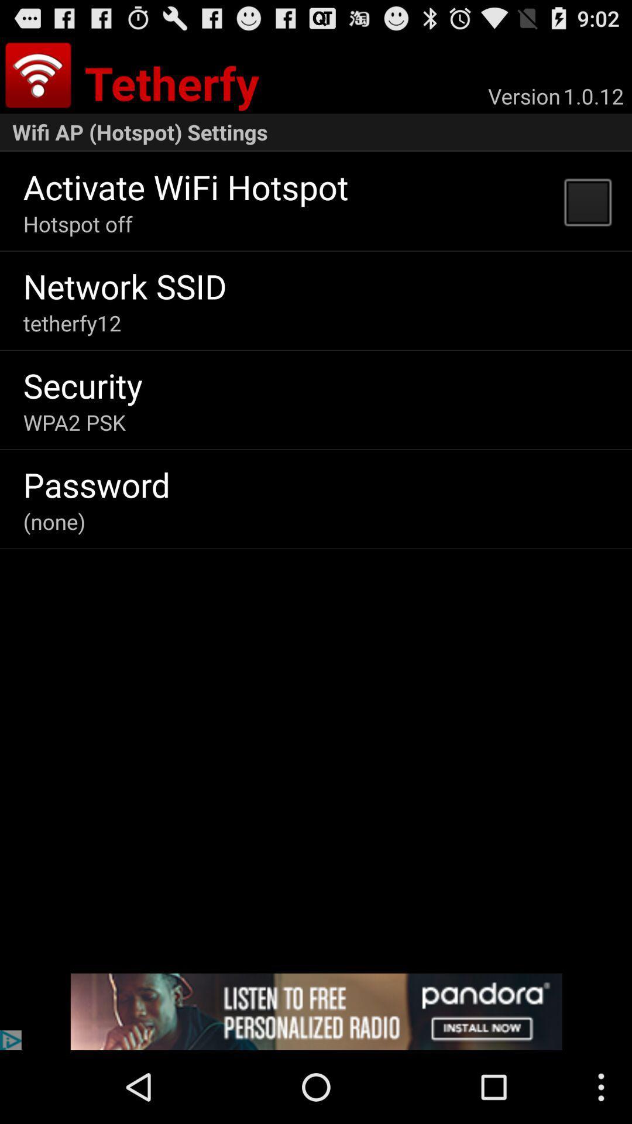 The image size is (632, 1124). What do you see at coordinates (587, 201) in the screenshot?
I see `the icon next to activate wifi hotspot item` at bounding box center [587, 201].